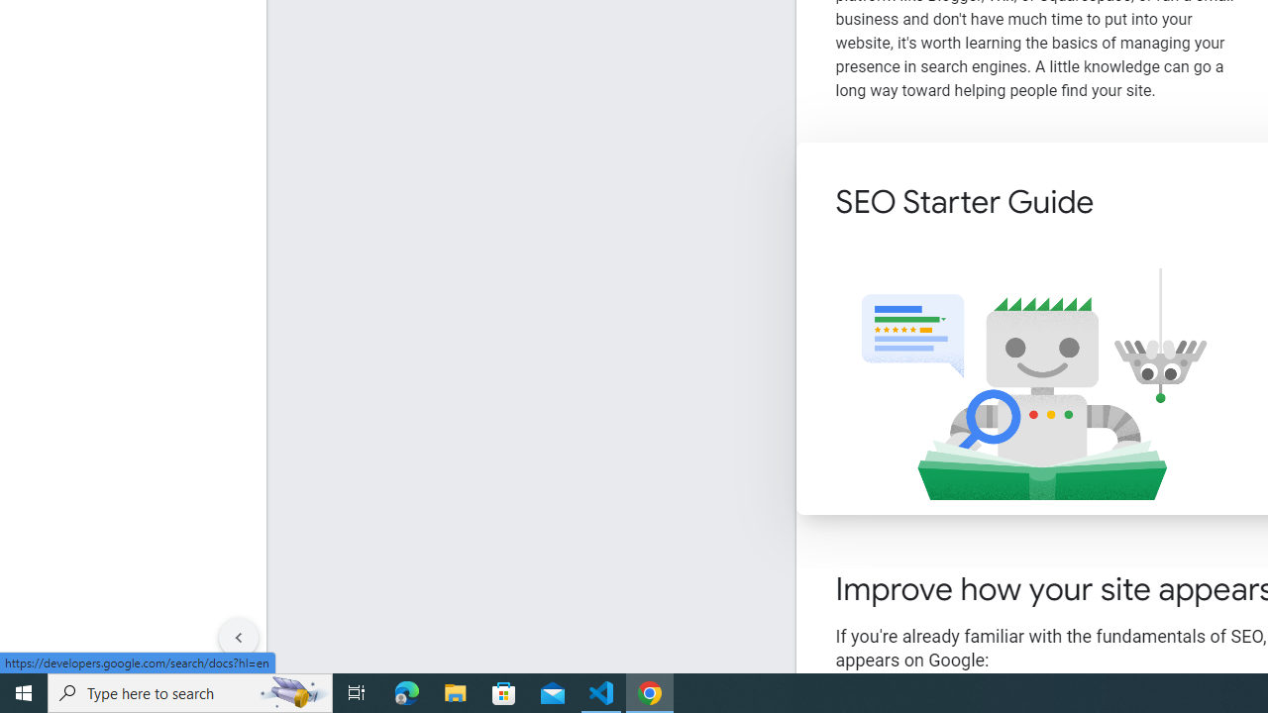  What do you see at coordinates (238, 638) in the screenshot?
I see `'Hide side navigation'` at bounding box center [238, 638].